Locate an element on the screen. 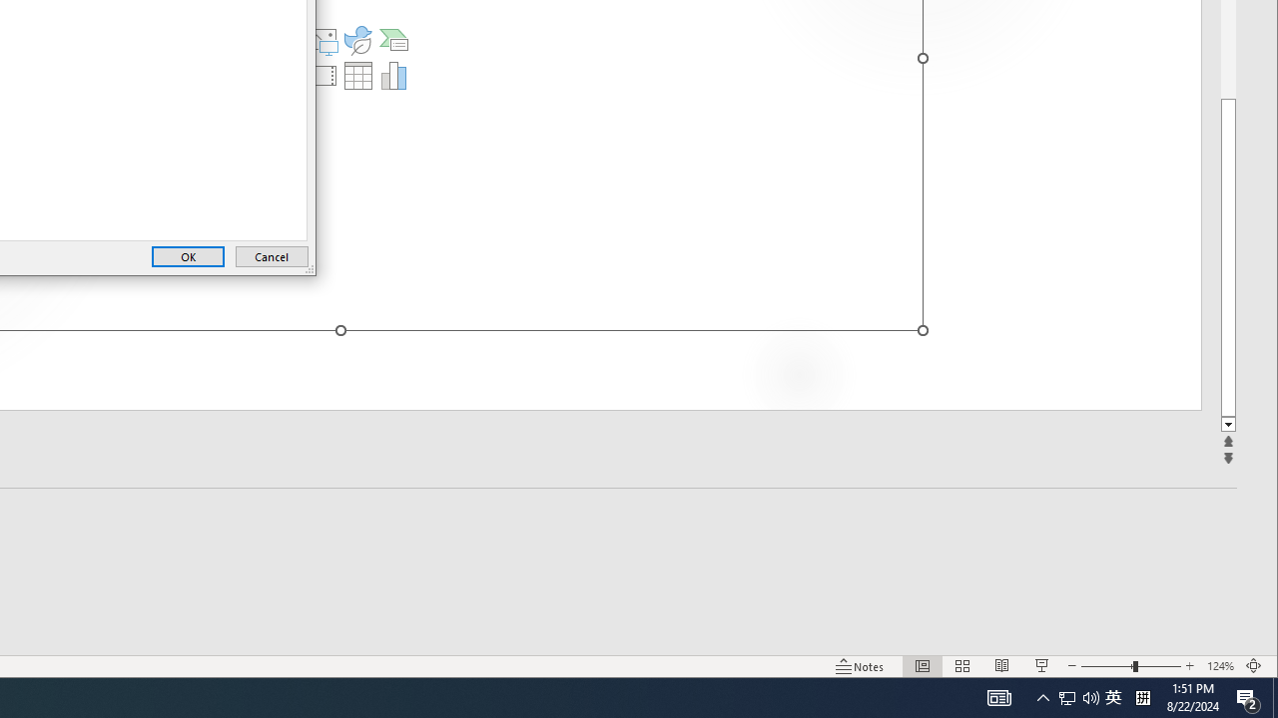  'Insert Chart' is located at coordinates (393, 74).